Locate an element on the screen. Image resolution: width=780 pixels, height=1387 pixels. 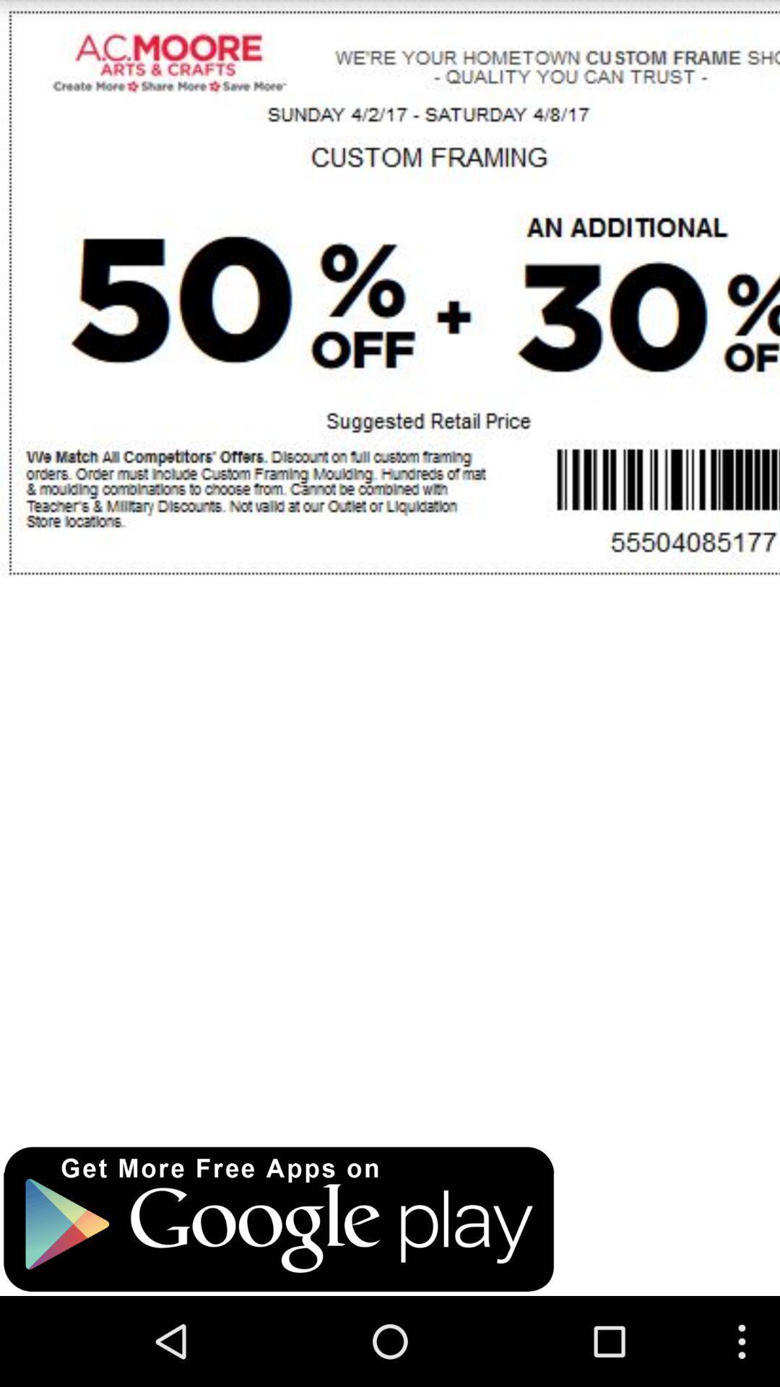
download apps on google play is located at coordinates (279, 1219).